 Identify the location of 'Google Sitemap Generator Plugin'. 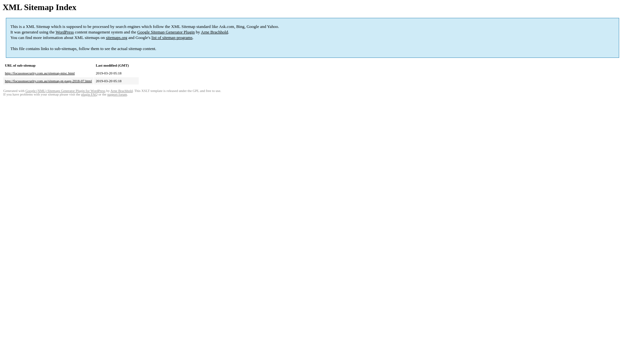
(137, 32).